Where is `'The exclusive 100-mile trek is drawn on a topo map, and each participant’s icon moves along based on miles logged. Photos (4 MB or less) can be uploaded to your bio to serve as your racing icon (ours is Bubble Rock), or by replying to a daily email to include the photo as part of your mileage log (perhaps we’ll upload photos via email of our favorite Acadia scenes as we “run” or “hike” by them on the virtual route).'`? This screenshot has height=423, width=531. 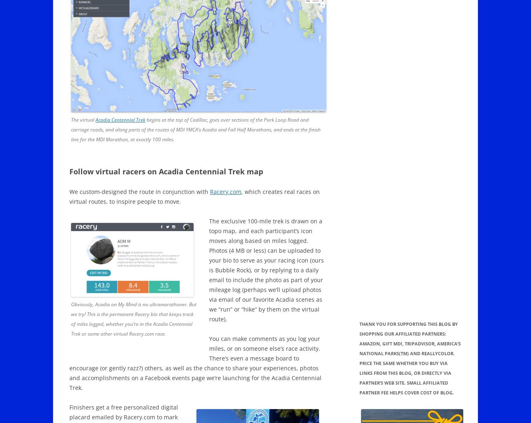
'The exclusive 100-mile trek is drawn on a topo map, and each participant’s icon moves along based on miles logged. Photos (4 MB or less) can be uploaded to your bio to serve as your racing icon (ours is Bubble Rock), or by replying to a daily email to include the photo as part of your mileage log (perhaps we’ll upload photos via email of our favorite Acadia scenes as we “run” or “hike” by them on the virtual route).' is located at coordinates (209, 270).